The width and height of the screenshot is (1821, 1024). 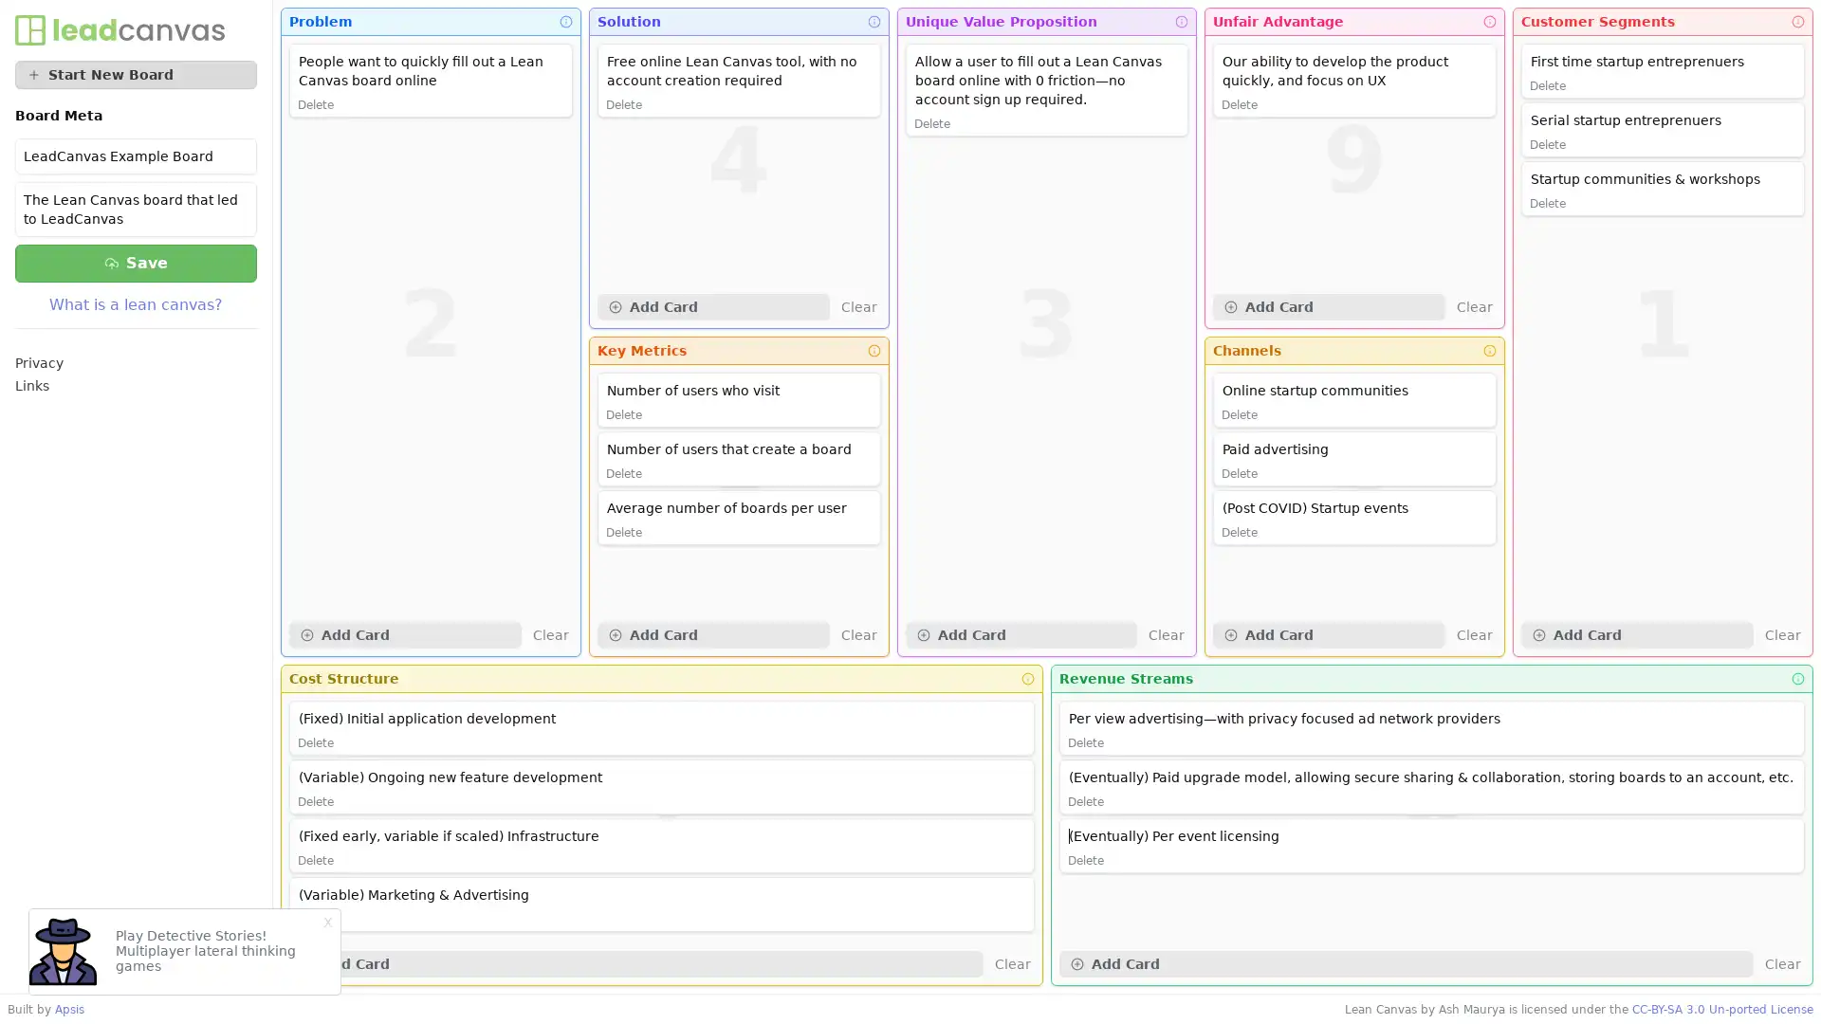 What do you see at coordinates (1086, 801) in the screenshot?
I see `Delete` at bounding box center [1086, 801].